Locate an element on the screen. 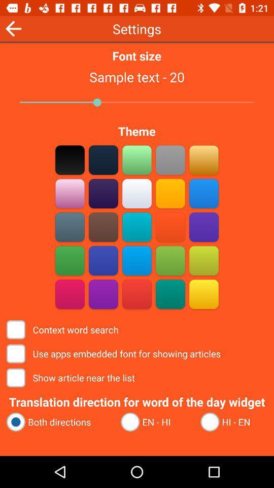  a color select option is located at coordinates (170, 160).